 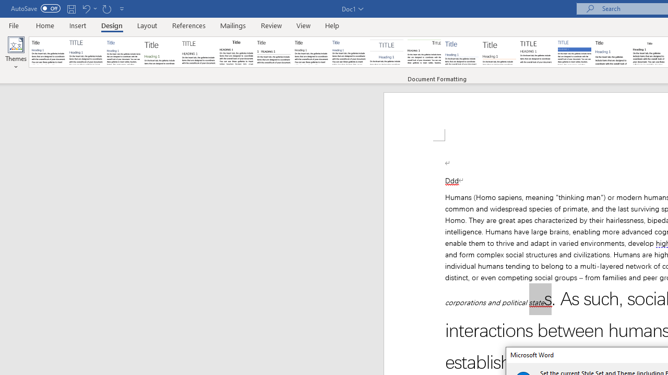 What do you see at coordinates (86, 8) in the screenshot?
I see `'Undo Apply Quick Style Set'` at bounding box center [86, 8].